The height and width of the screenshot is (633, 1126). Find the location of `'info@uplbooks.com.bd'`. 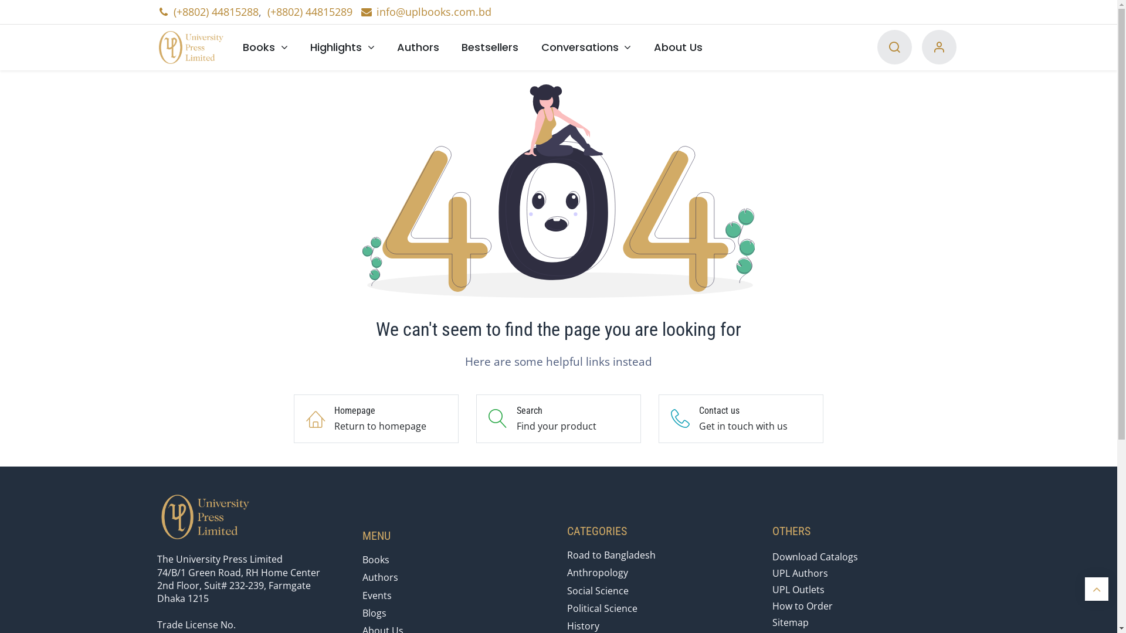

'info@uplbooks.com.bd' is located at coordinates (359, 11).